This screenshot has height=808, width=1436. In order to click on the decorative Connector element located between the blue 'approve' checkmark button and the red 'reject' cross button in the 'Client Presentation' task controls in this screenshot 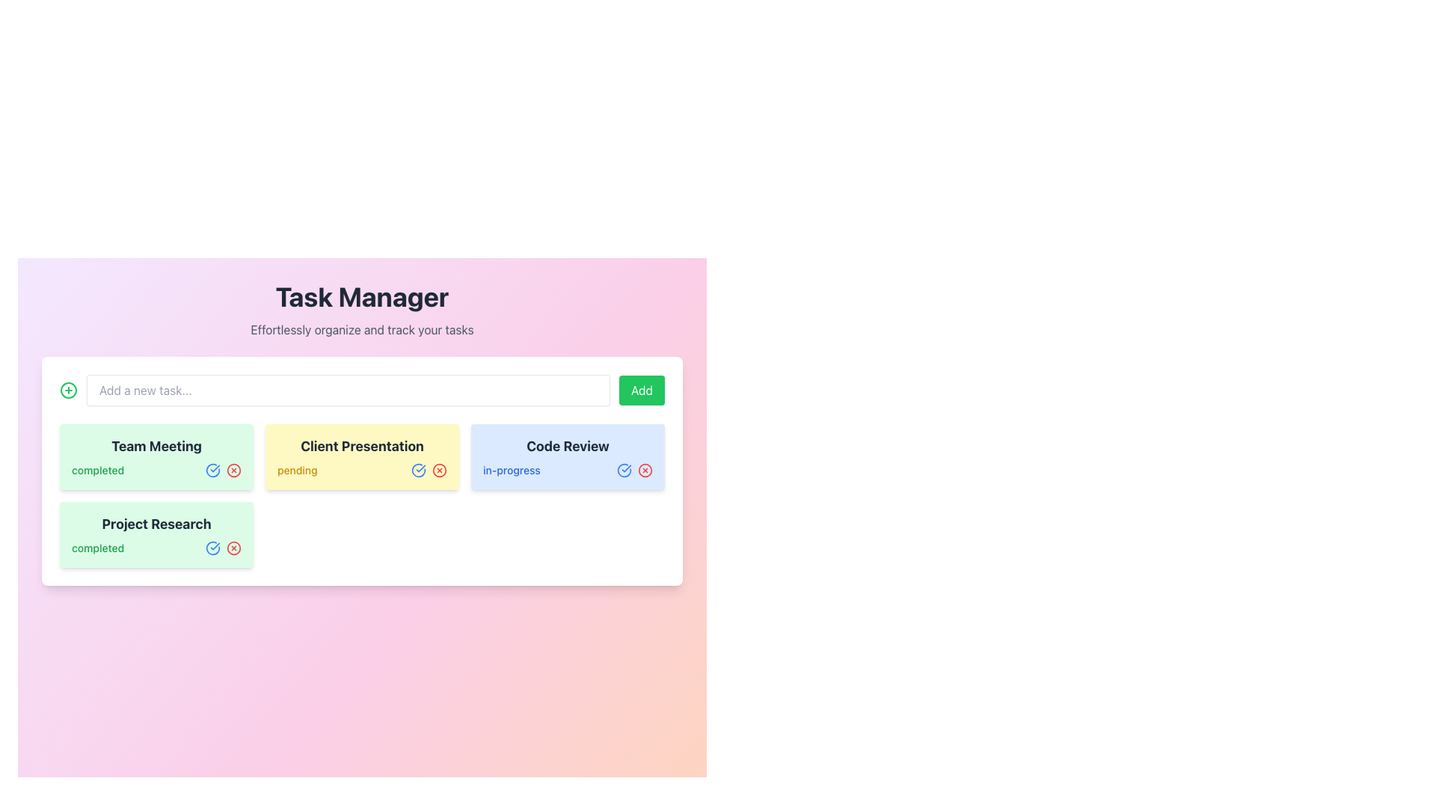, I will do `click(429, 469)`.